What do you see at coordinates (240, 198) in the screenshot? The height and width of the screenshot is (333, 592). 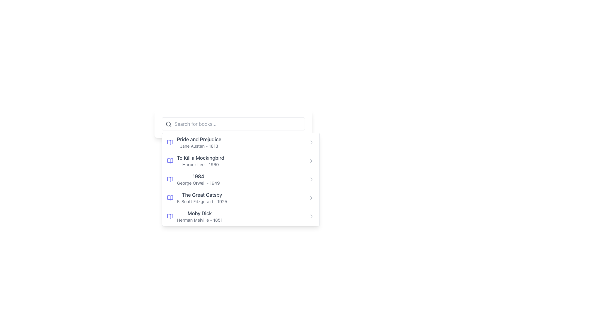 I see `the fourth list item in the dropdown menu that displays details about 'The Great Gatsby'` at bounding box center [240, 198].